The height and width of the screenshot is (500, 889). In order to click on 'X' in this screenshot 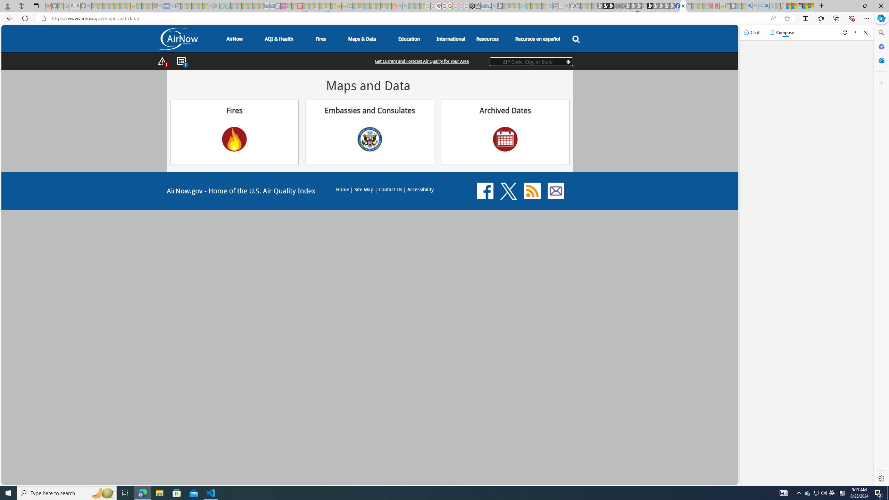, I will do `click(508, 191)`.